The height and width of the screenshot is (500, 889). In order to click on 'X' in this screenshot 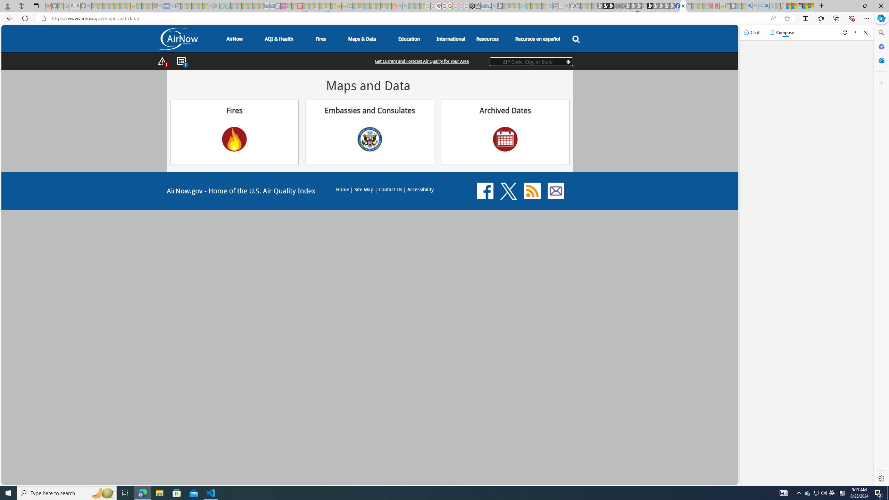, I will do `click(508, 191)`.